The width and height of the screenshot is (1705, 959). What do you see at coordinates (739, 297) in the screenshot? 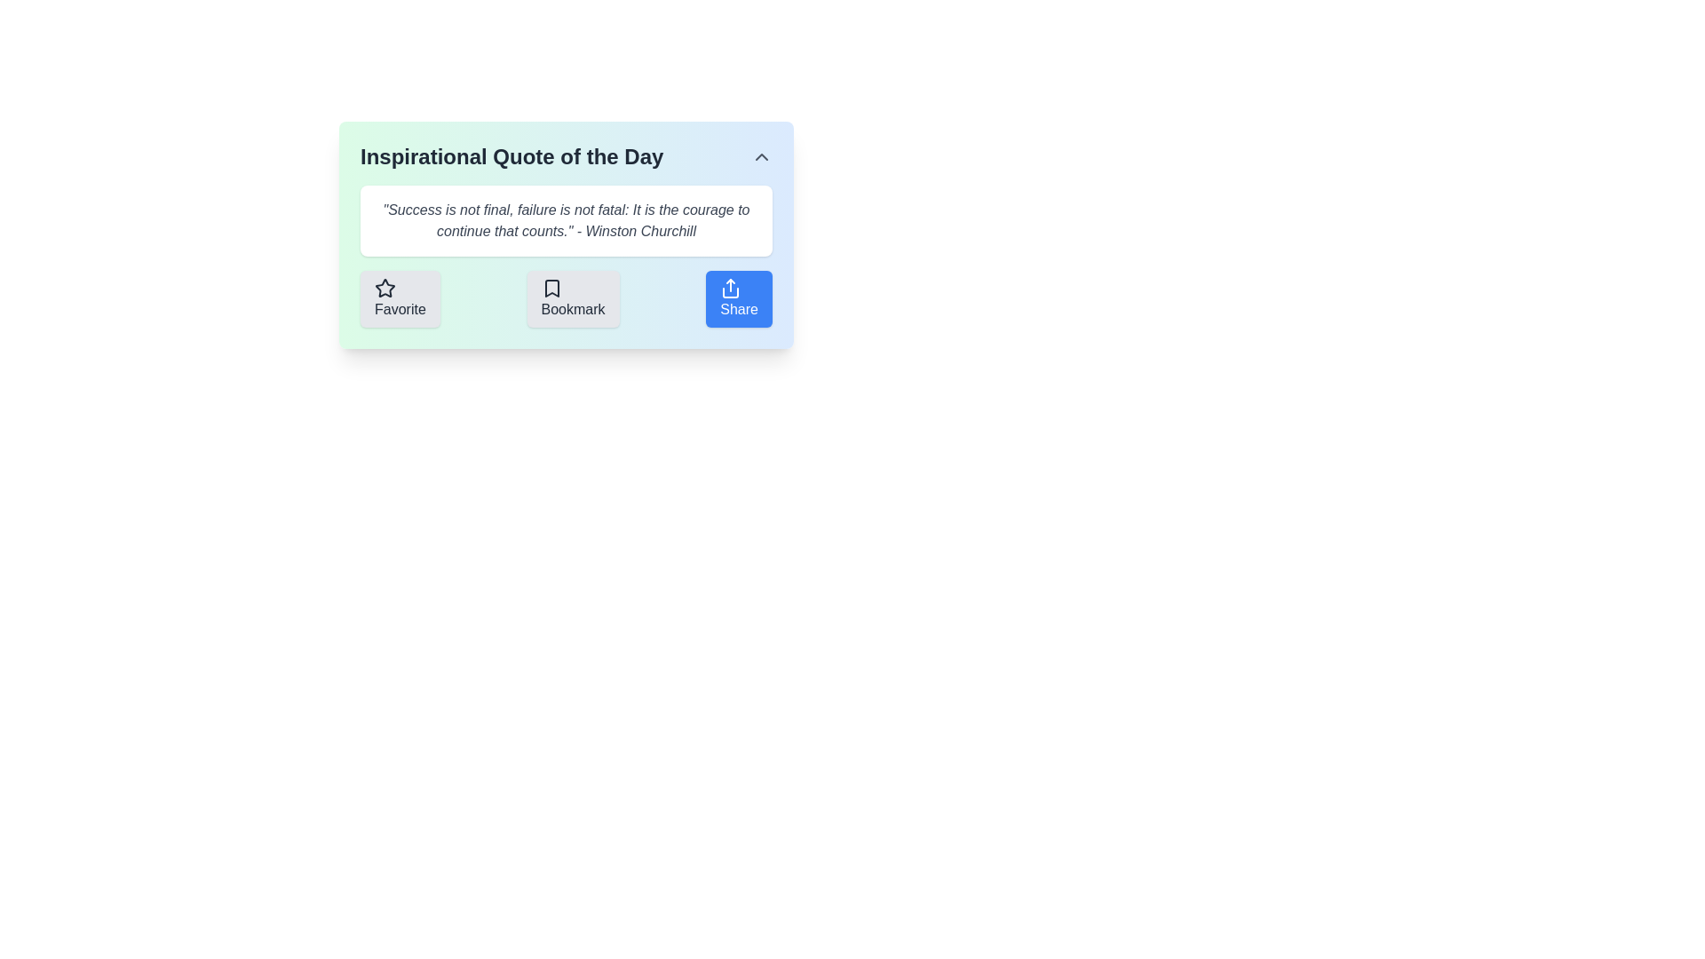
I see `the sharing button located at the bottom of the interface, which is the third button in a row of three` at bounding box center [739, 297].